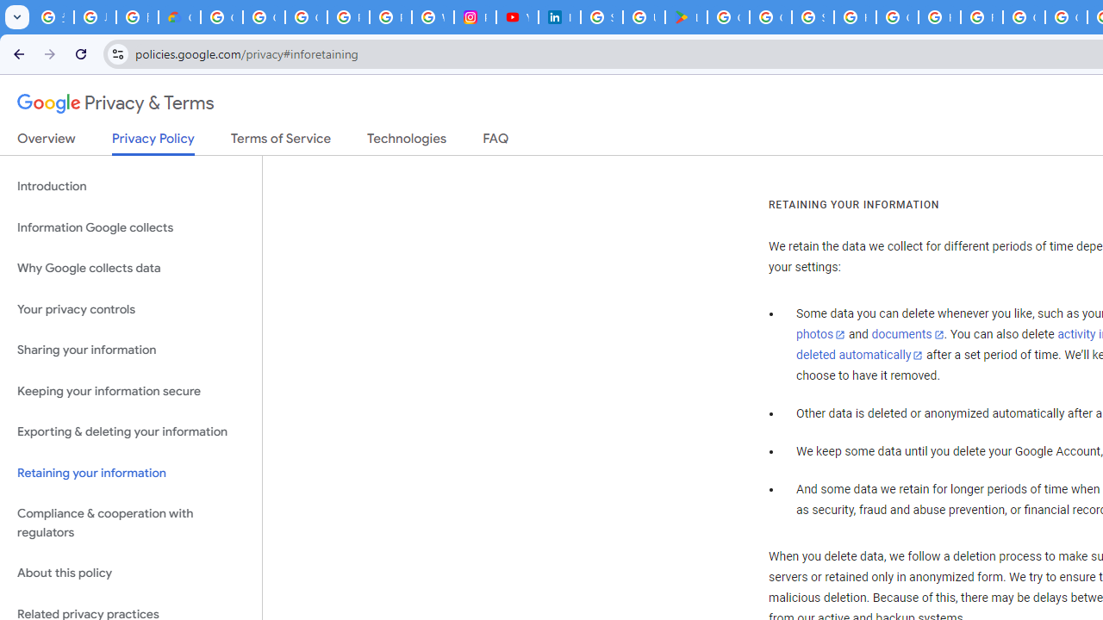 This screenshot has height=620, width=1103. What do you see at coordinates (281, 141) in the screenshot?
I see `'Terms of Service'` at bounding box center [281, 141].